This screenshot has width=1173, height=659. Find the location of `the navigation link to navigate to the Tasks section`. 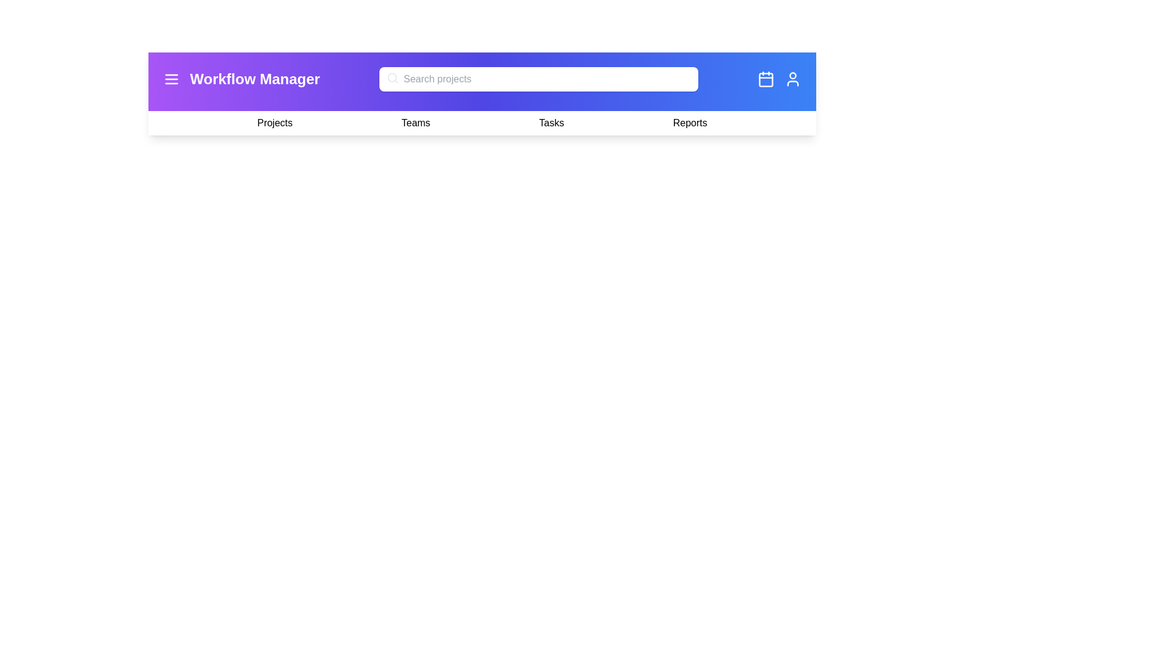

the navigation link to navigate to the Tasks section is located at coordinates (550, 123).